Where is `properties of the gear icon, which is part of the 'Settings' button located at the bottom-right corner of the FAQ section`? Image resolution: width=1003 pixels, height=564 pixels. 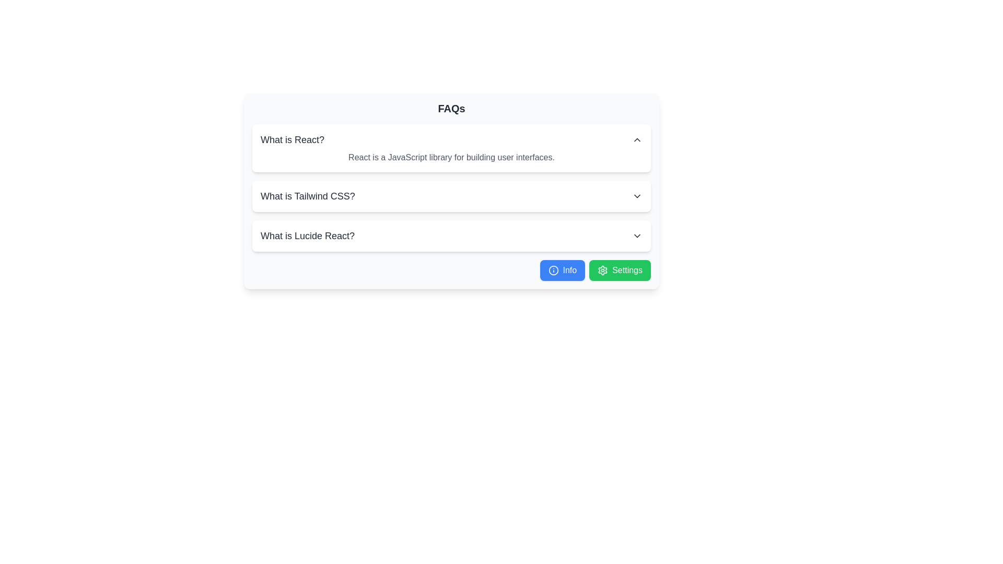 properties of the gear icon, which is part of the 'Settings' button located at the bottom-right corner of the FAQ section is located at coordinates (603, 269).